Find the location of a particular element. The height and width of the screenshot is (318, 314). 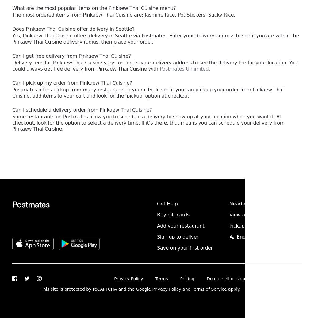

'.' is located at coordinates (209, 68).